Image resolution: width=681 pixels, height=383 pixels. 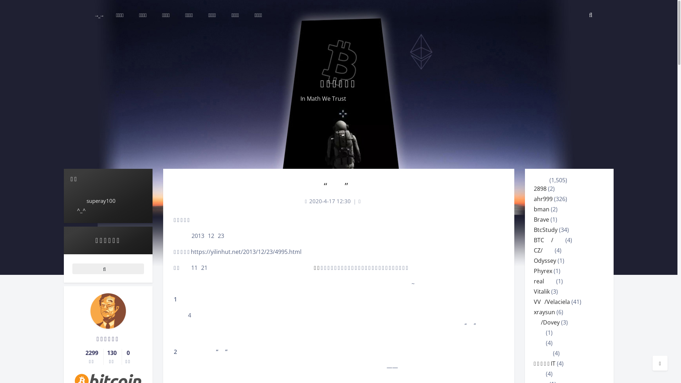 I want to click on 'ahr999', so click(x=543, y=199).